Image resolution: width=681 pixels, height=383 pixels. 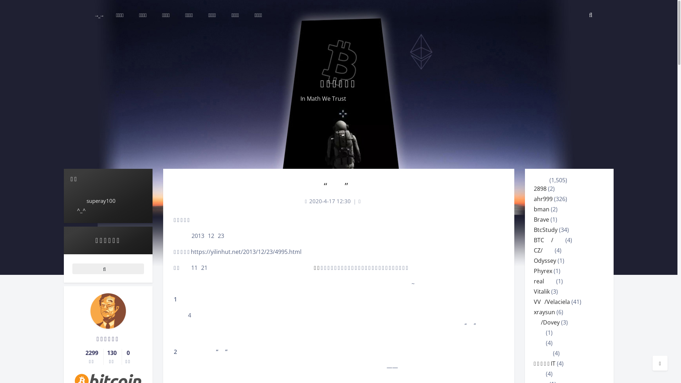 I want to click on 'ahr999', so click(x=543, y=199).